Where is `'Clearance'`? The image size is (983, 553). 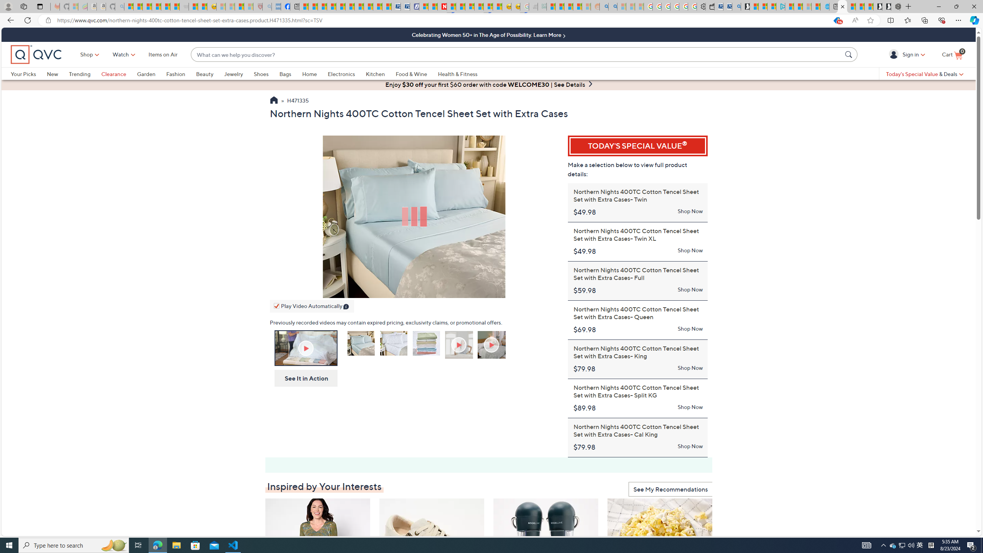 'Clearance' is located at coordinates (119, 73).